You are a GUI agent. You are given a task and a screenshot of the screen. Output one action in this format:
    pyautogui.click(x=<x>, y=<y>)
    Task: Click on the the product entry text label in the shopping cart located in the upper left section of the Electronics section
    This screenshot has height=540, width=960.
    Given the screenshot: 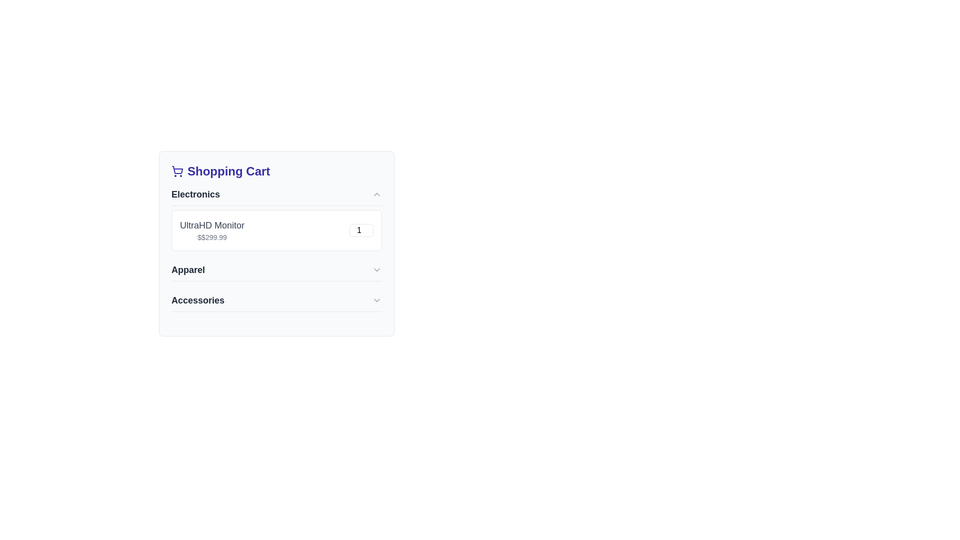 What is the action you would take?
    pyautogui.click(x=211, y=230)
    